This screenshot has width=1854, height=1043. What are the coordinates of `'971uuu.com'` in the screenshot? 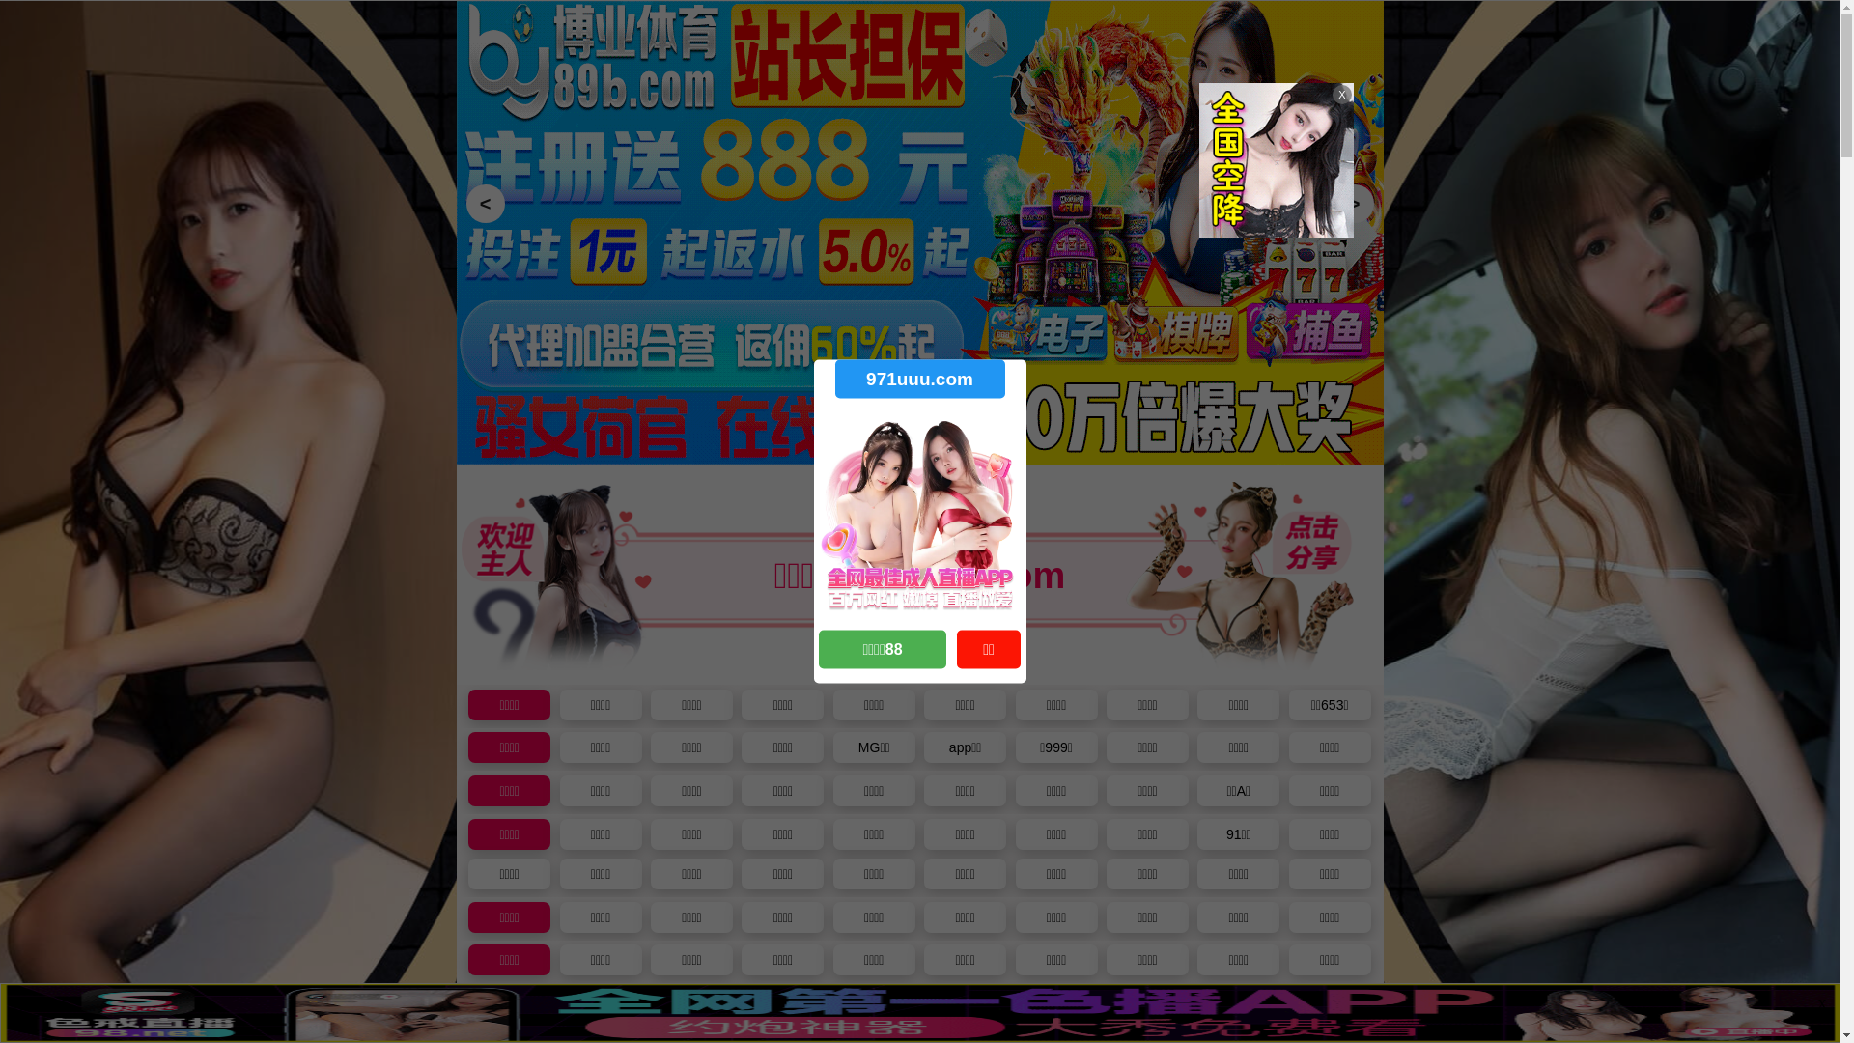 It's located at (917, 379).